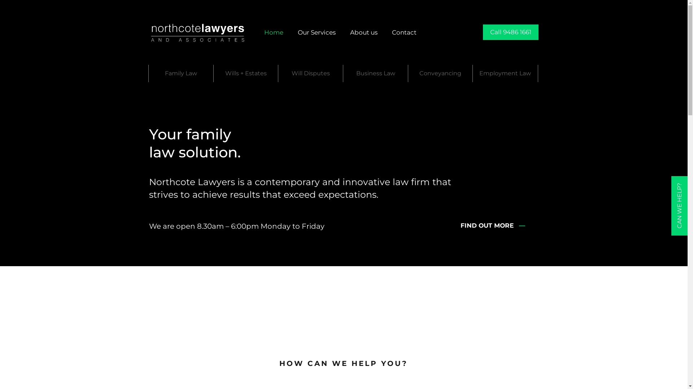 Image resolution: width=693 pixels, height=389 pixels. Describe the element at coordinates (472, 73) in the screenshot. I see `'Employment Law'` at that location.